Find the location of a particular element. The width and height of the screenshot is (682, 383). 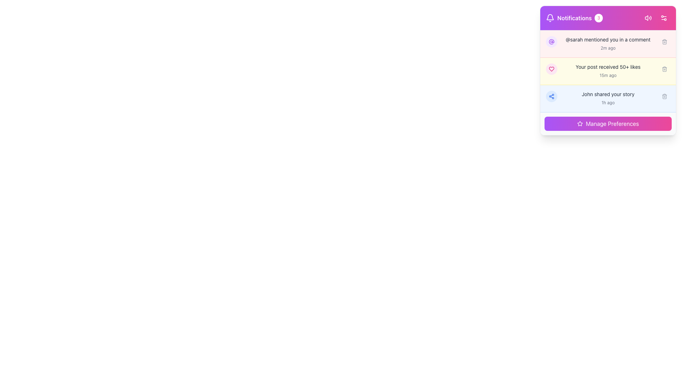

the first notification entry in the notifications panel that provides details about a recent mention in a comment is located at coordinates (608, 44).